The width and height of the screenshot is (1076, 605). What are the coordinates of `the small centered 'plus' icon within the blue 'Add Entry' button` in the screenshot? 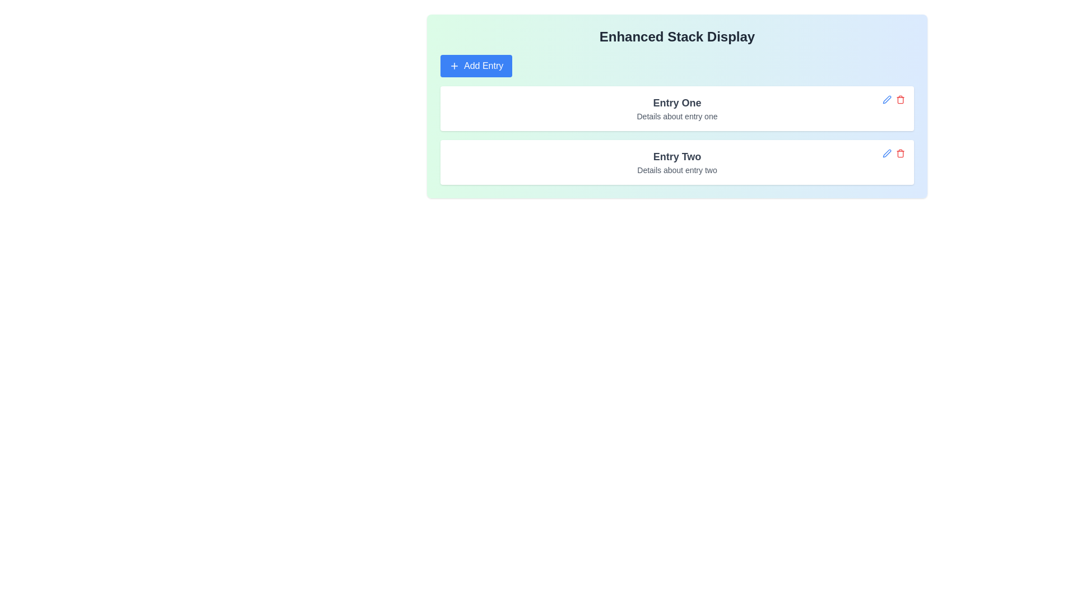 It's located at (454, 66).